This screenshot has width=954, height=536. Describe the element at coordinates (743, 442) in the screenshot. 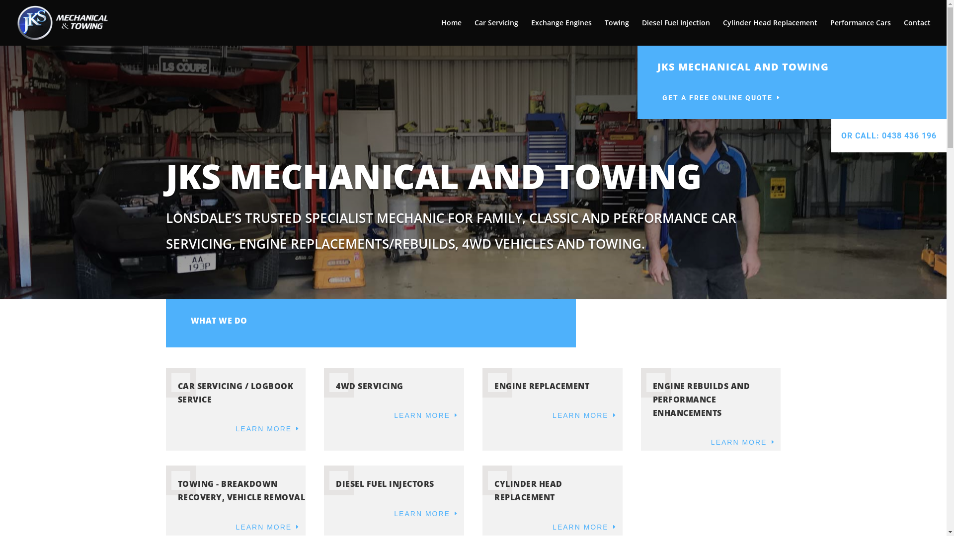

I see `'LEARN MORE'` at that location.